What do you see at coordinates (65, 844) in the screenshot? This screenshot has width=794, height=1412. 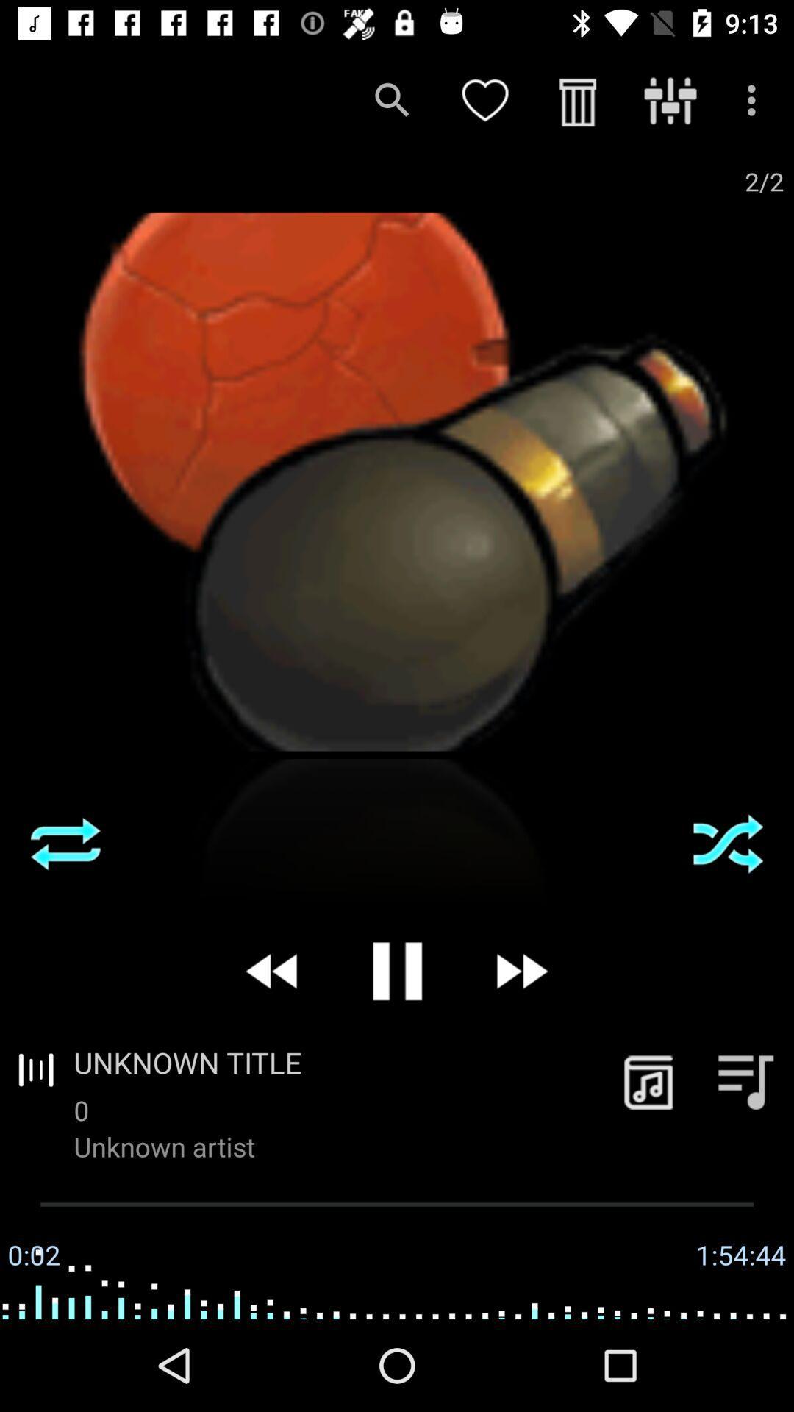 I see `i dont know` at bounding box center [65, 844].